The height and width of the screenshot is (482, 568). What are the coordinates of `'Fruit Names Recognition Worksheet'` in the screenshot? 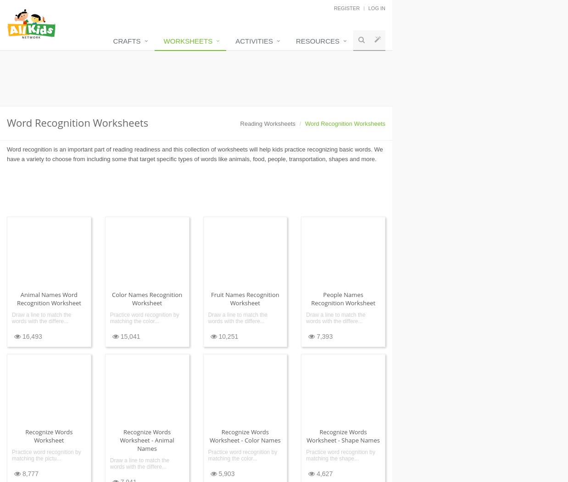 It's located at (245, 298).